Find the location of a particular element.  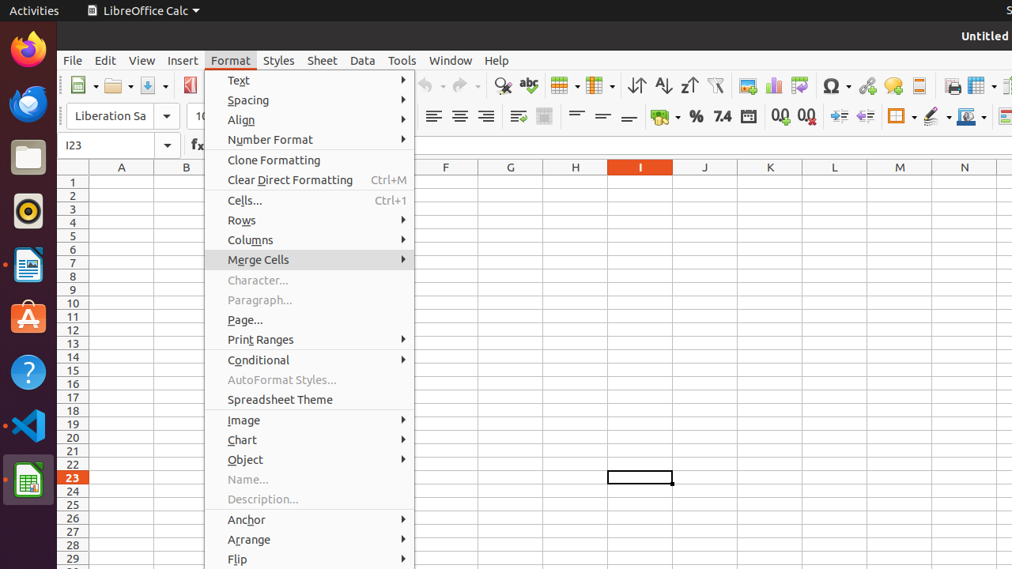

'Font Name' is located at coordinates (123, 115).